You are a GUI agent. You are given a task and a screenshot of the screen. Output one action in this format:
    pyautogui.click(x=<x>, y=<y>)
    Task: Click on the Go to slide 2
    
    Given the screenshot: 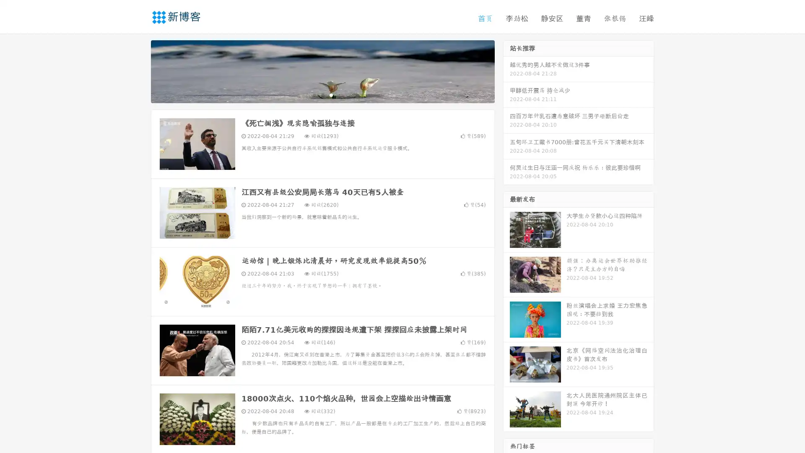 What is the action you would take?
    pyautogui.click(x=322, y=94)
    